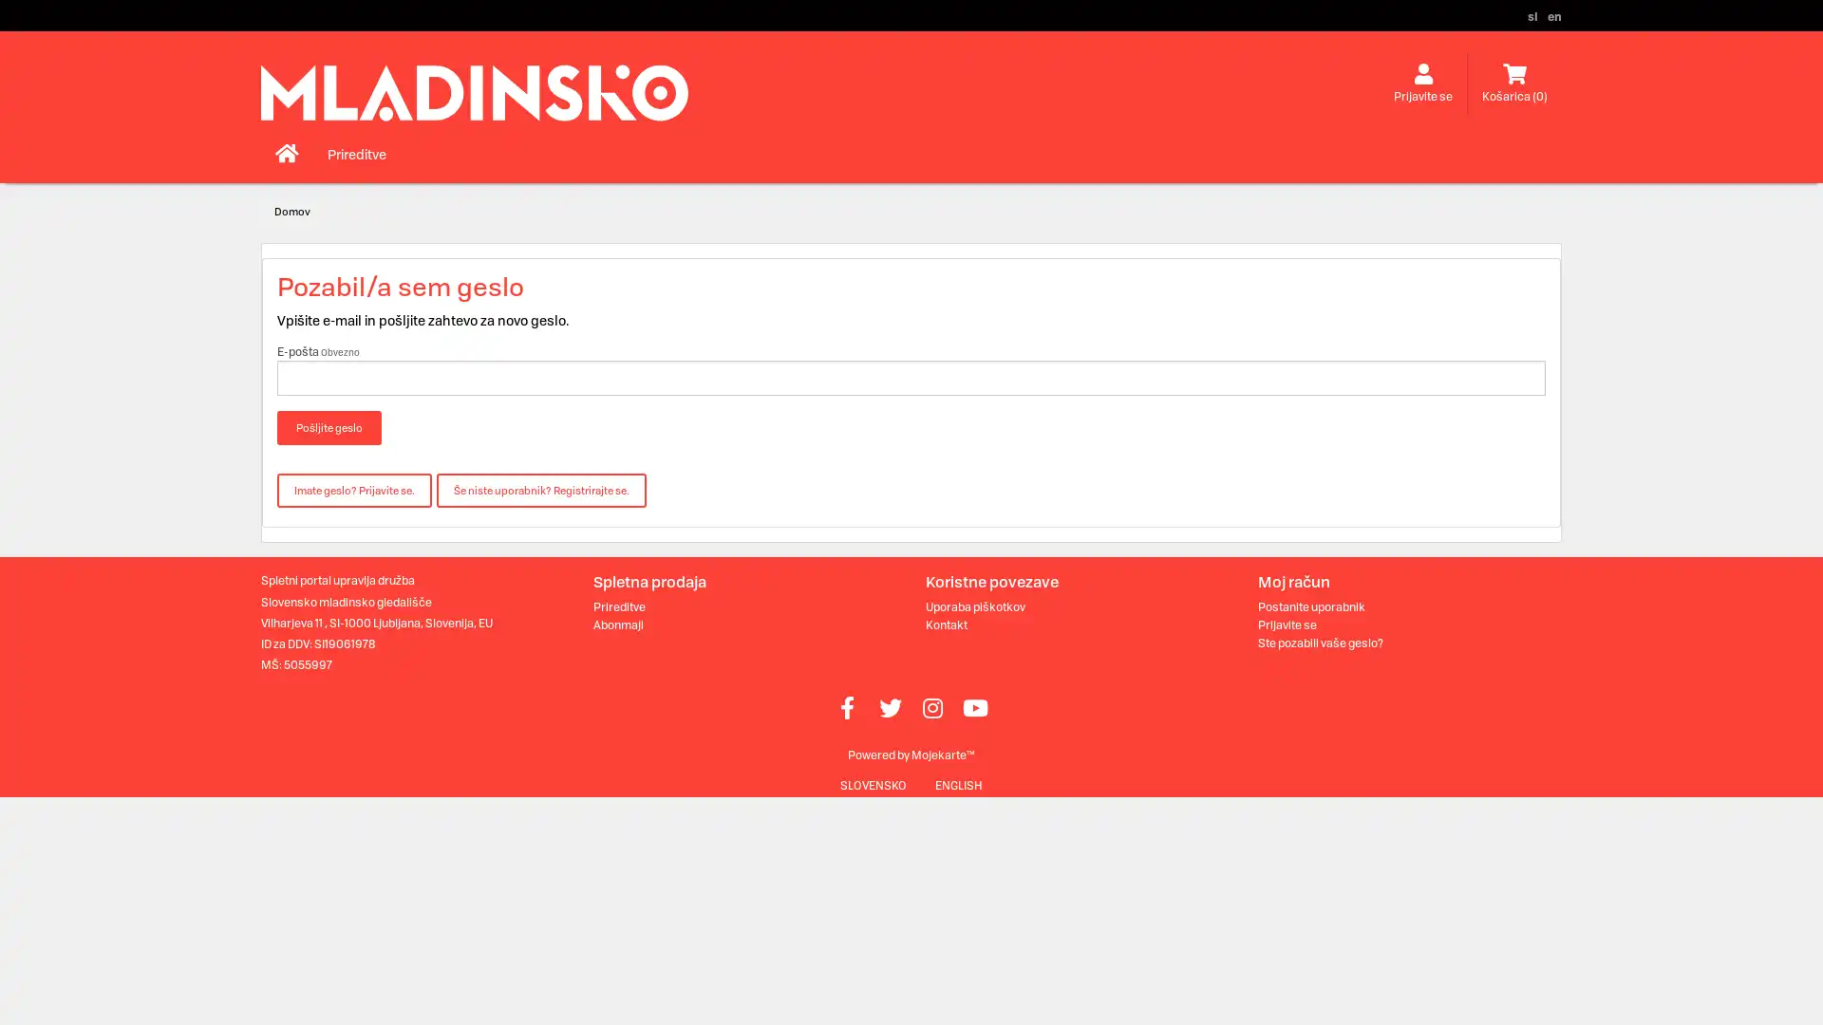 This screenshot has height=1025, width=1823. Describe the element at coordinates (329, 428) in the screenshot. I see `Posljite geslo` at that location.